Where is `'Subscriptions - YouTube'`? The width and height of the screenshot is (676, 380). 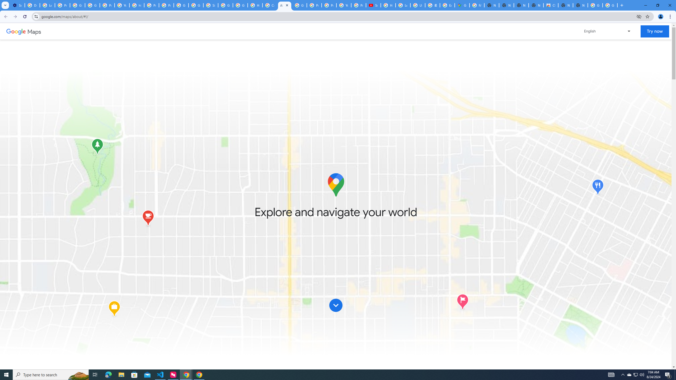 'Subscriptions - YouTube' is located at coordinates (373, 5).